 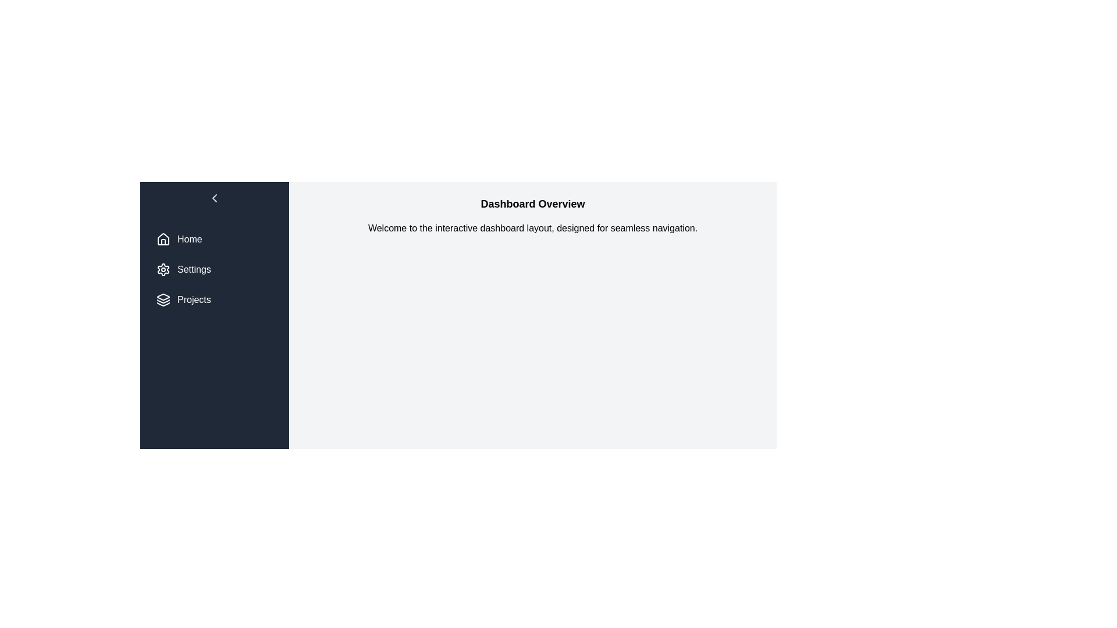 What do you see at coordinates (163, 269) in the screenshot?
I see `the upper gear segment of the 'Settings' icon located in the sidebar beneath the 'Home' icon` at bounding box center [163, 269].